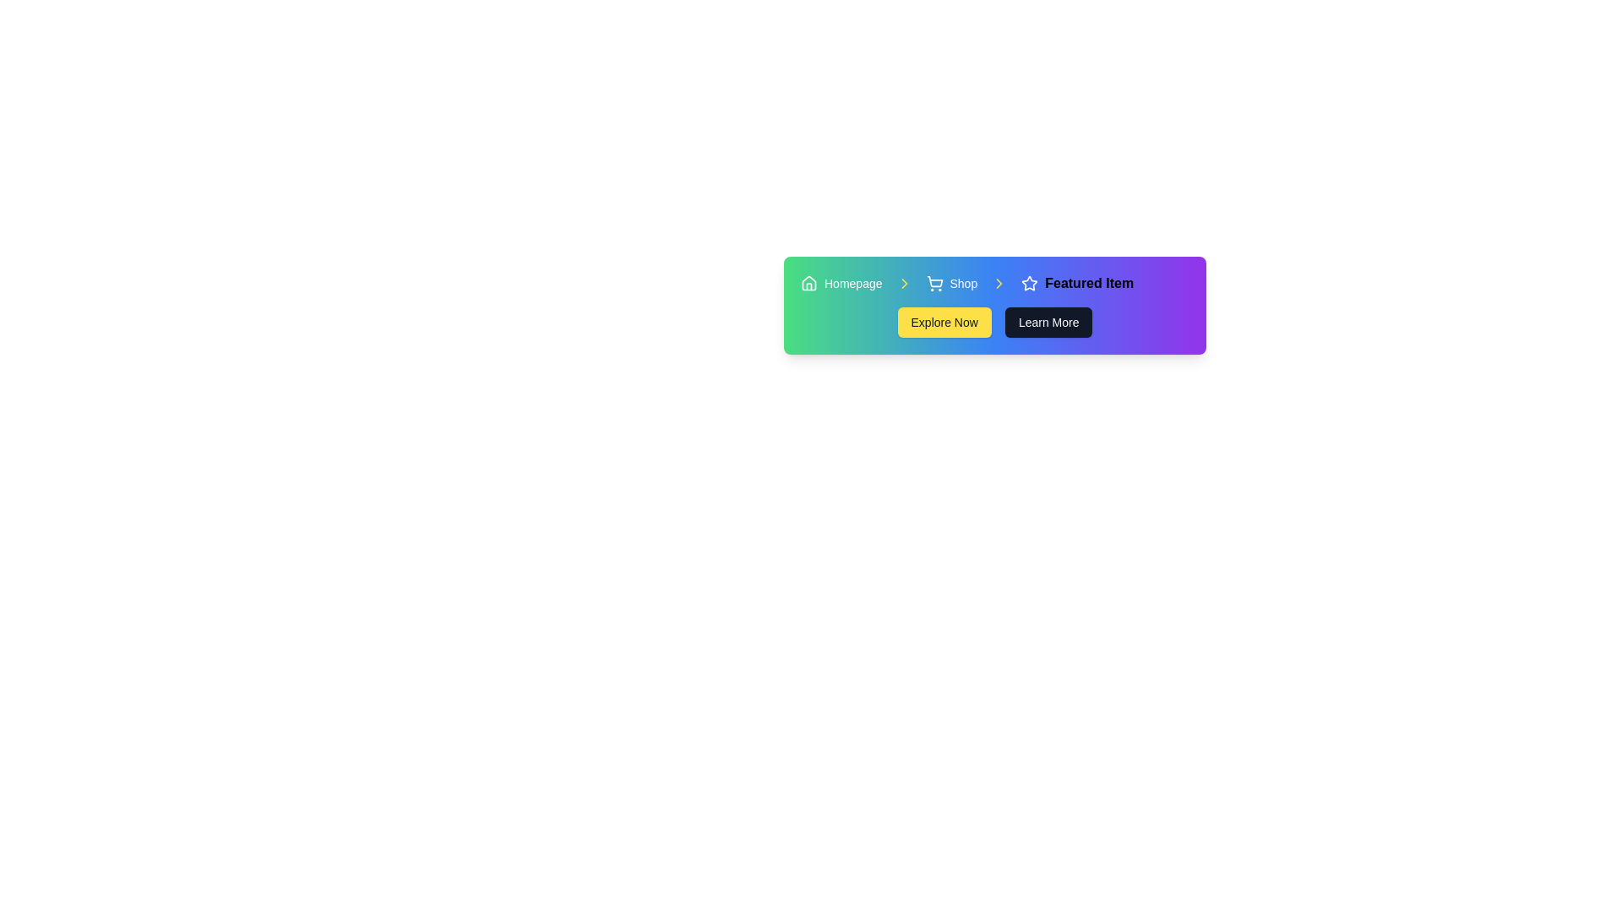  I want to click on the hyperlink located near the top-left side of the navigation bar, which redirects the user to the homepage, so click(853, 282).